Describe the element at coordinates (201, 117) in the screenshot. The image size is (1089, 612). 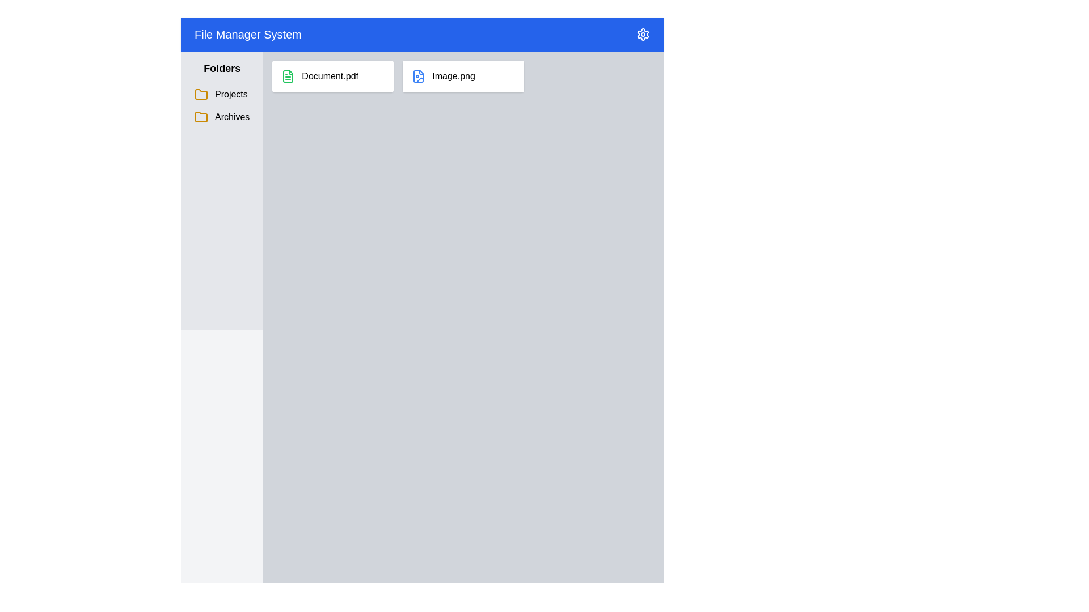
I see `the folder icon with a yellow border located in the left sidebar under the 'Folders' heading` at that location.